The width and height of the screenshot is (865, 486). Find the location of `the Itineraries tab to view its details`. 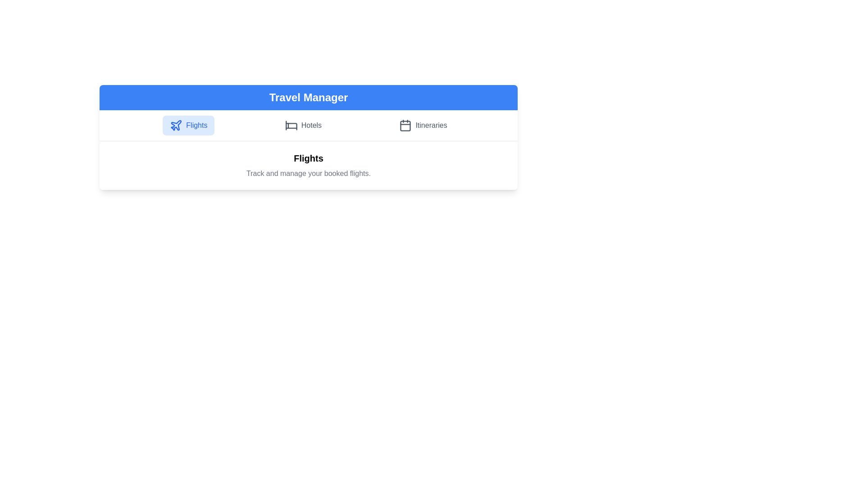

the Itineraries tab to view its details is located at coordinates (423, 125).